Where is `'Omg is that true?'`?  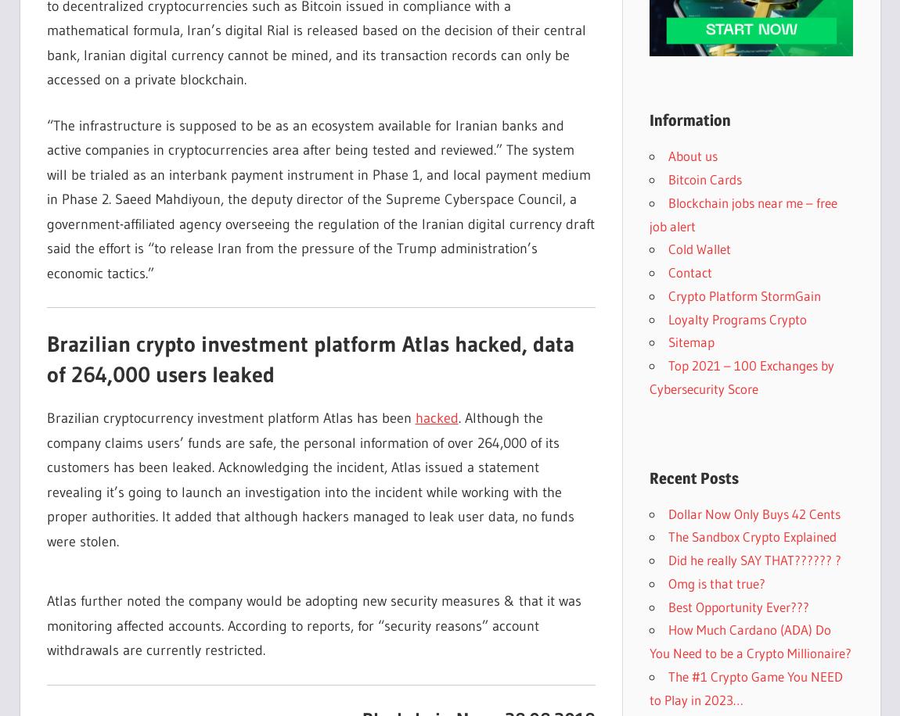 'Omg is that true?' is located at coordinates (716, 582).